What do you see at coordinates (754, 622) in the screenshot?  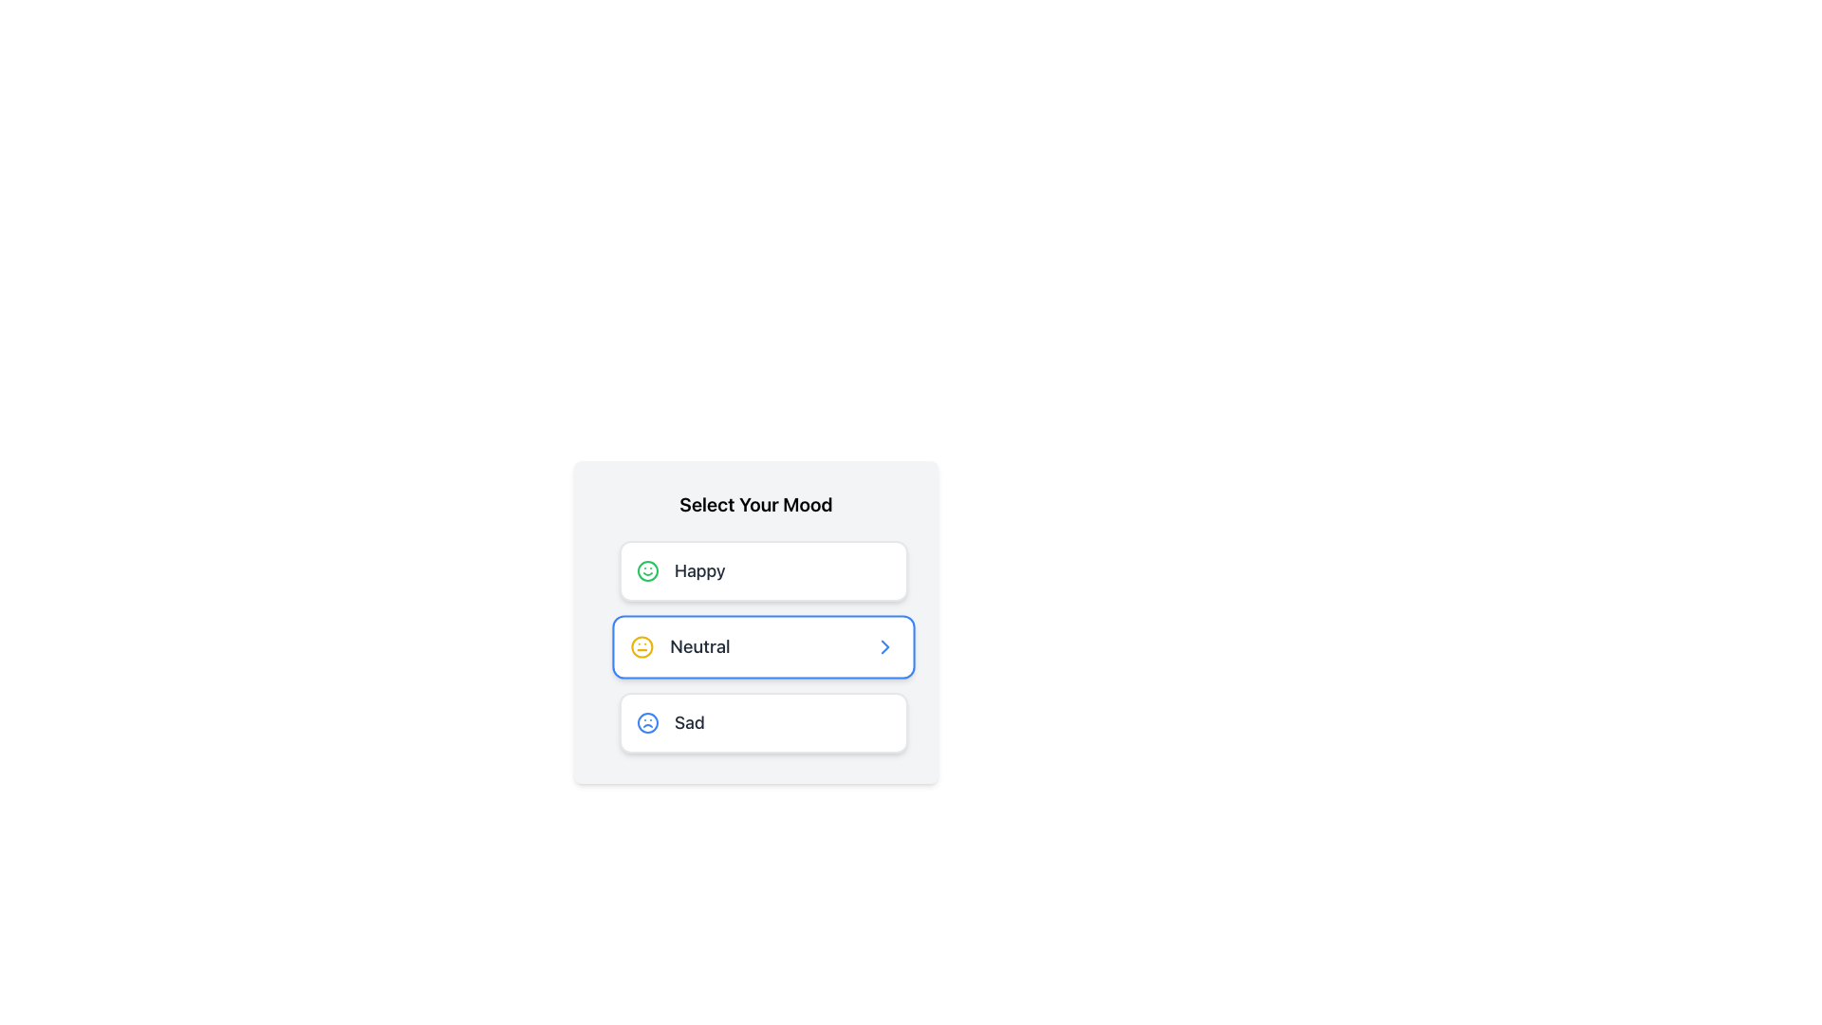 I see `the 'Neutral' mood selection button in the mood picker interface to trigger the highlighting effect` at bounding box center [754, 622].